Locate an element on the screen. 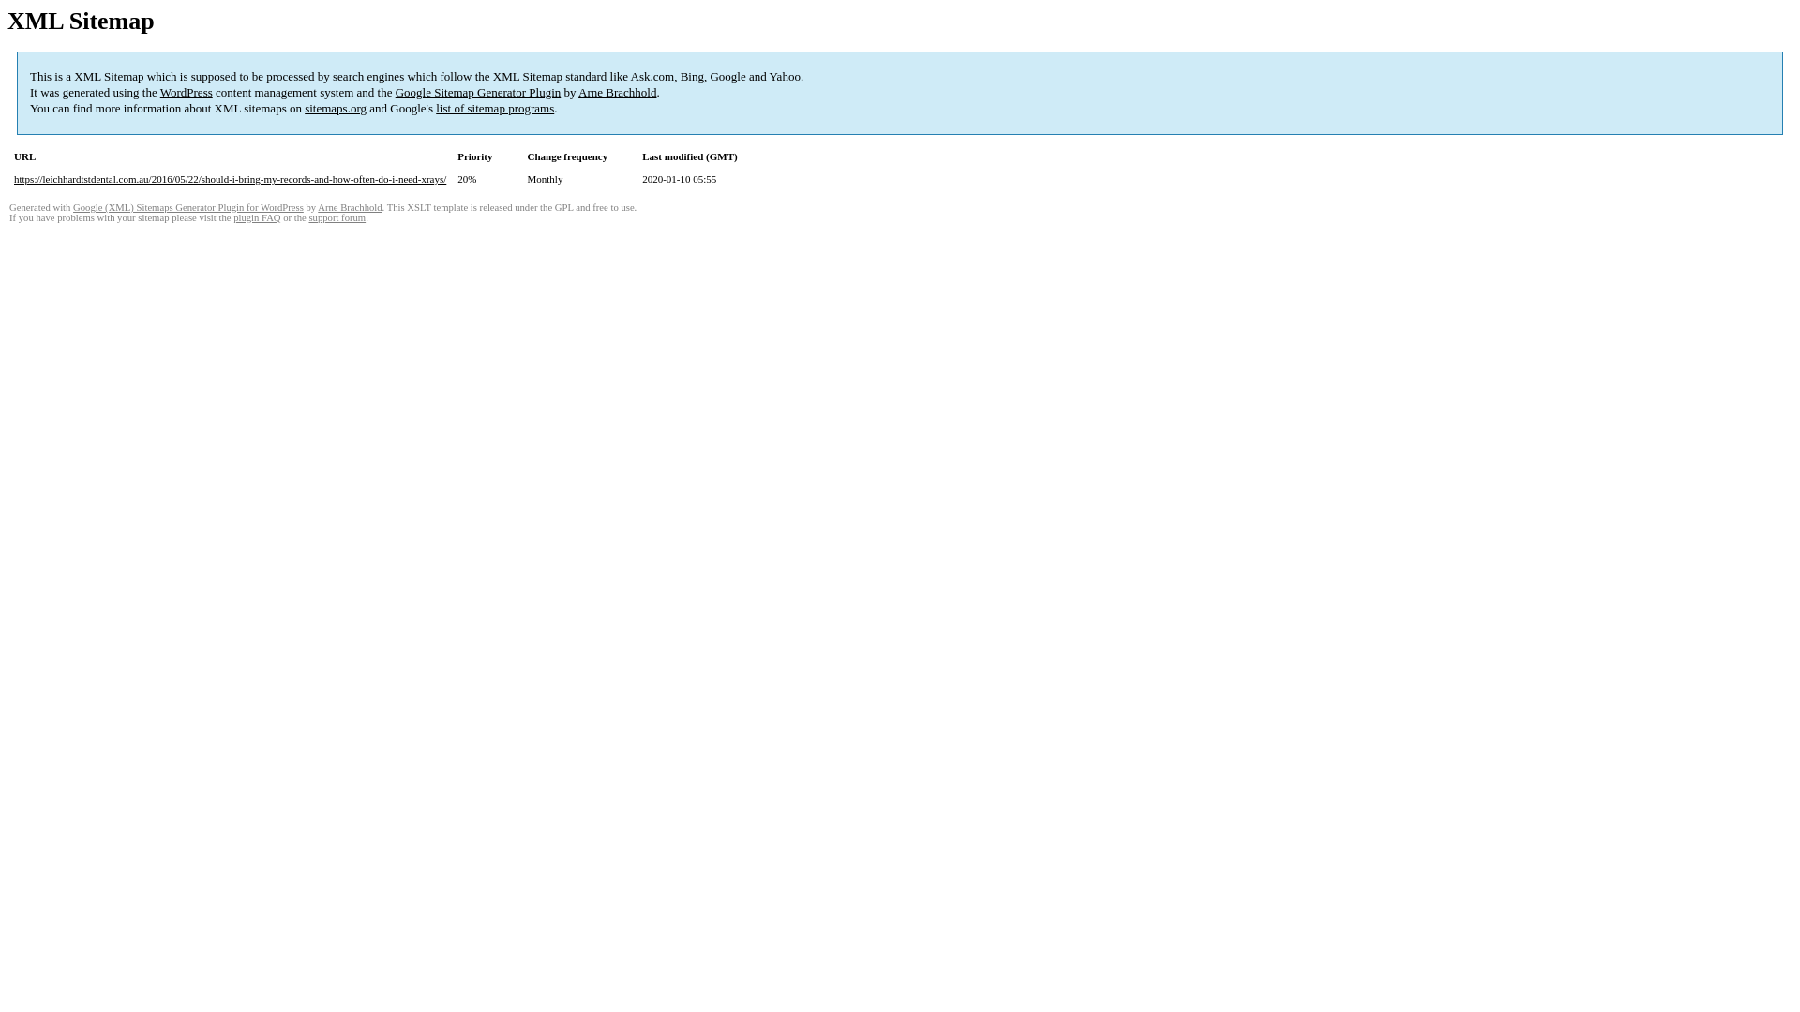  'sitemaps.org' is located at coordinates (336, 108).